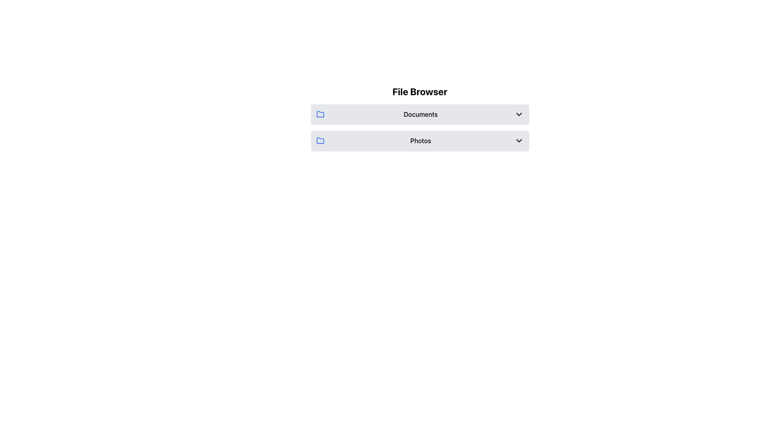  Describe the element at coordinates (420, 140) in the screenshot. I see `the 'Photos' text label, which is centered between a blue folder icon and a downward-facing chevron icon` at that location.